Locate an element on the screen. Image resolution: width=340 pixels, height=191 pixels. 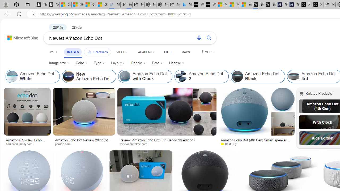
'Amazon Echo Dot 2' is located at coordinates (201, 76).